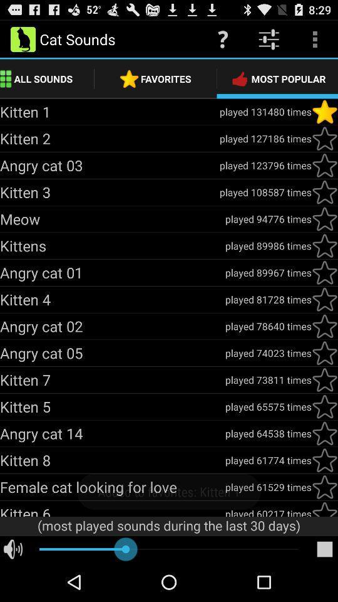  What do you see at coordinates (13, 588) in the screenshot?
I see `the volume icon` at bounding box center [13, 588].